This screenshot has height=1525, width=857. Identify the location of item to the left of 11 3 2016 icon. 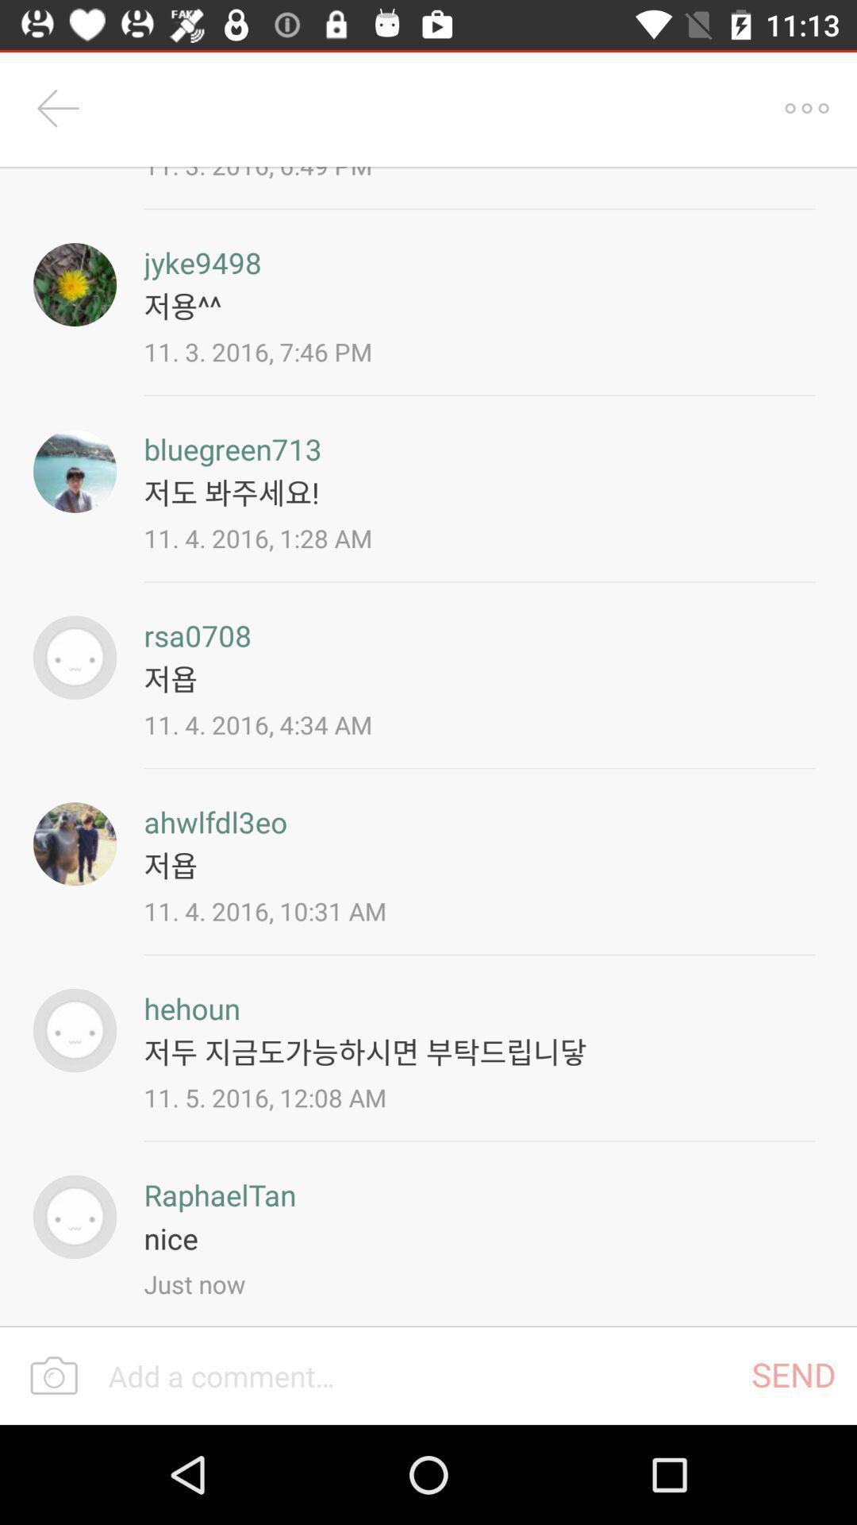
(57, 107).